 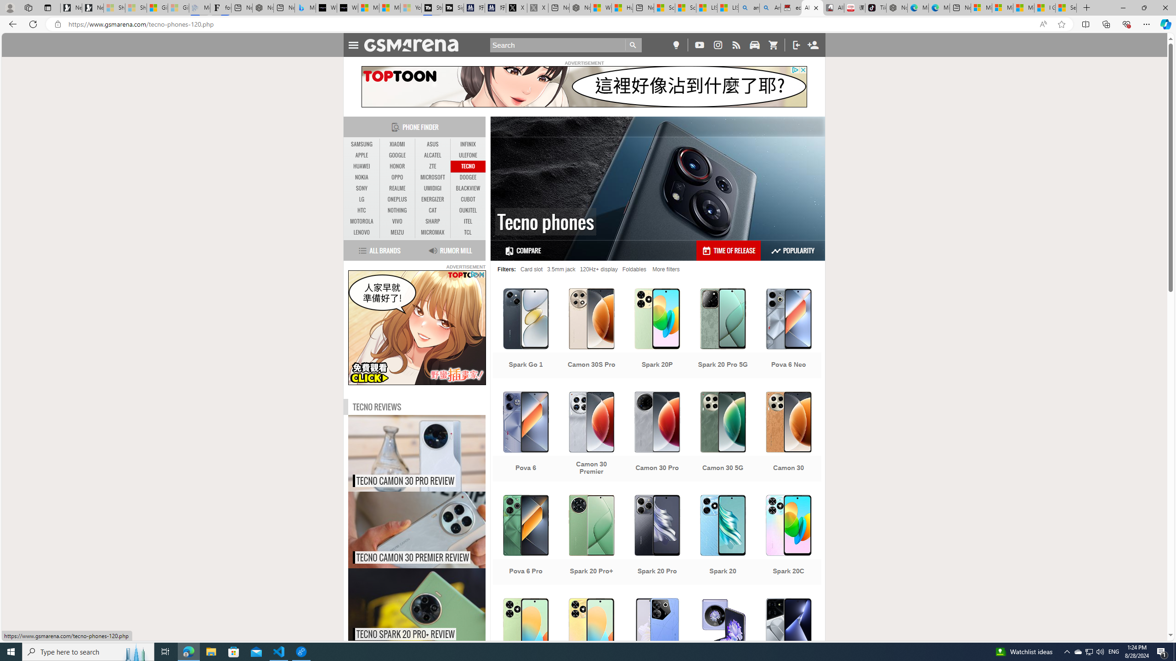 I want to click on 'Copilot (Ctrl+Shift+.)', so click(x=1165, y=23).